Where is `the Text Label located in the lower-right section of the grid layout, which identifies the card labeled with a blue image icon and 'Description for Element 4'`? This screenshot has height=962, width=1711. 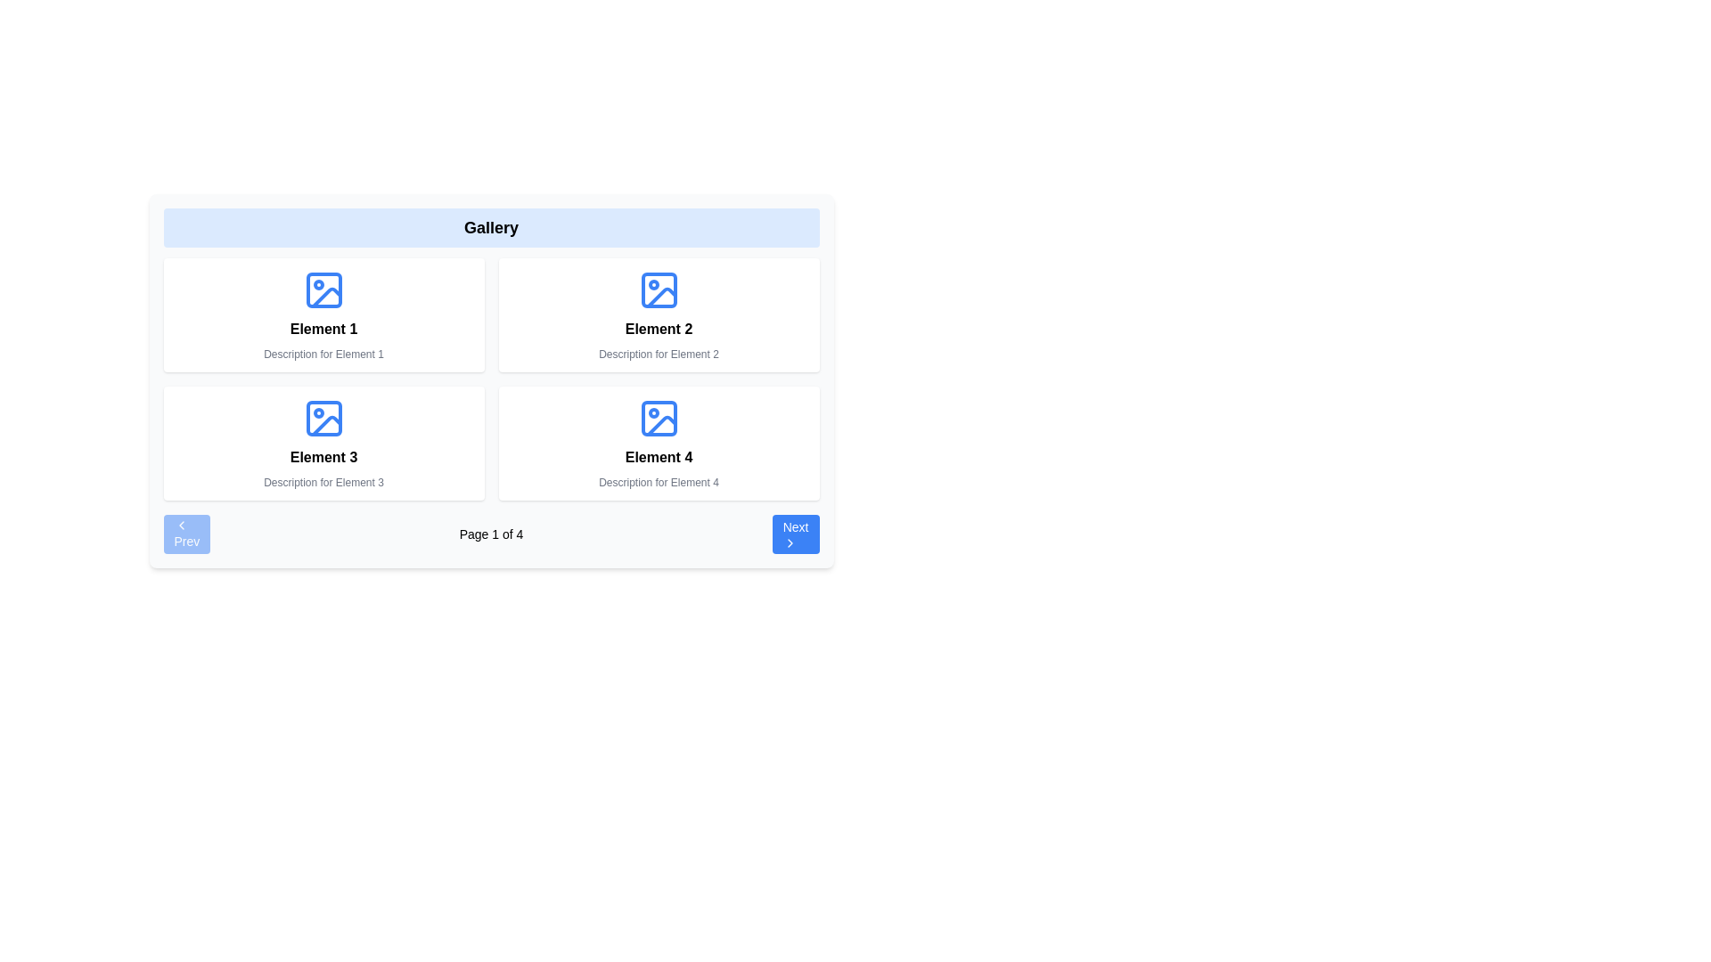 the Text Label located in the lower-right section of the grid layout, which identifies the card labeled with a blue image icon and 'Description for Element 4' is located at coordinates (658, 456).